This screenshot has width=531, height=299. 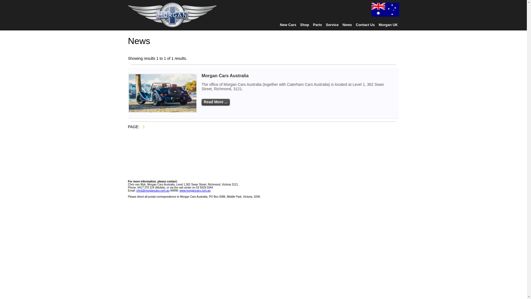 I want to click on 'chris@morgancars.com.au', so click(x=153, y=190).